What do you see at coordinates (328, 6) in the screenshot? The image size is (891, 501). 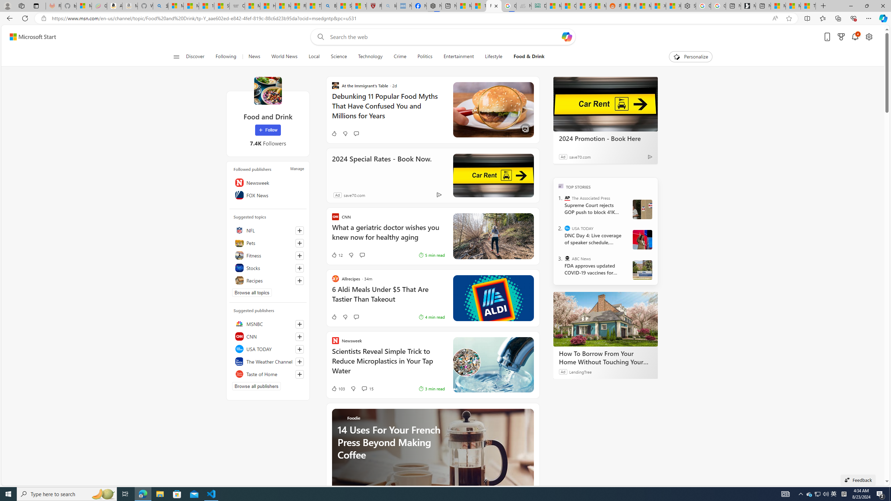 I see `'Bing'` at bounding box center [328, 6].